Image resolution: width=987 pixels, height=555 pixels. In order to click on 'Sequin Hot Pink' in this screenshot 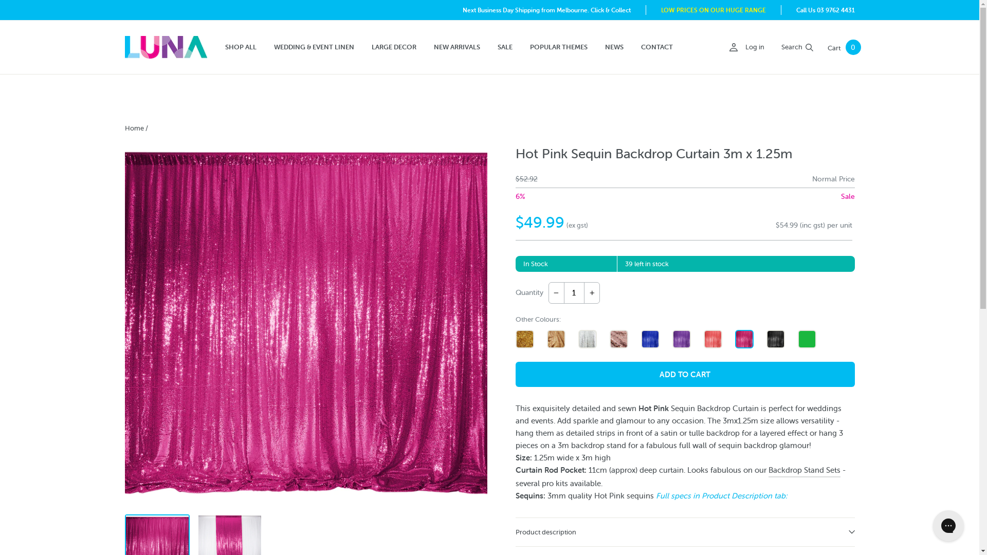, I will do `click(744, 339)`.